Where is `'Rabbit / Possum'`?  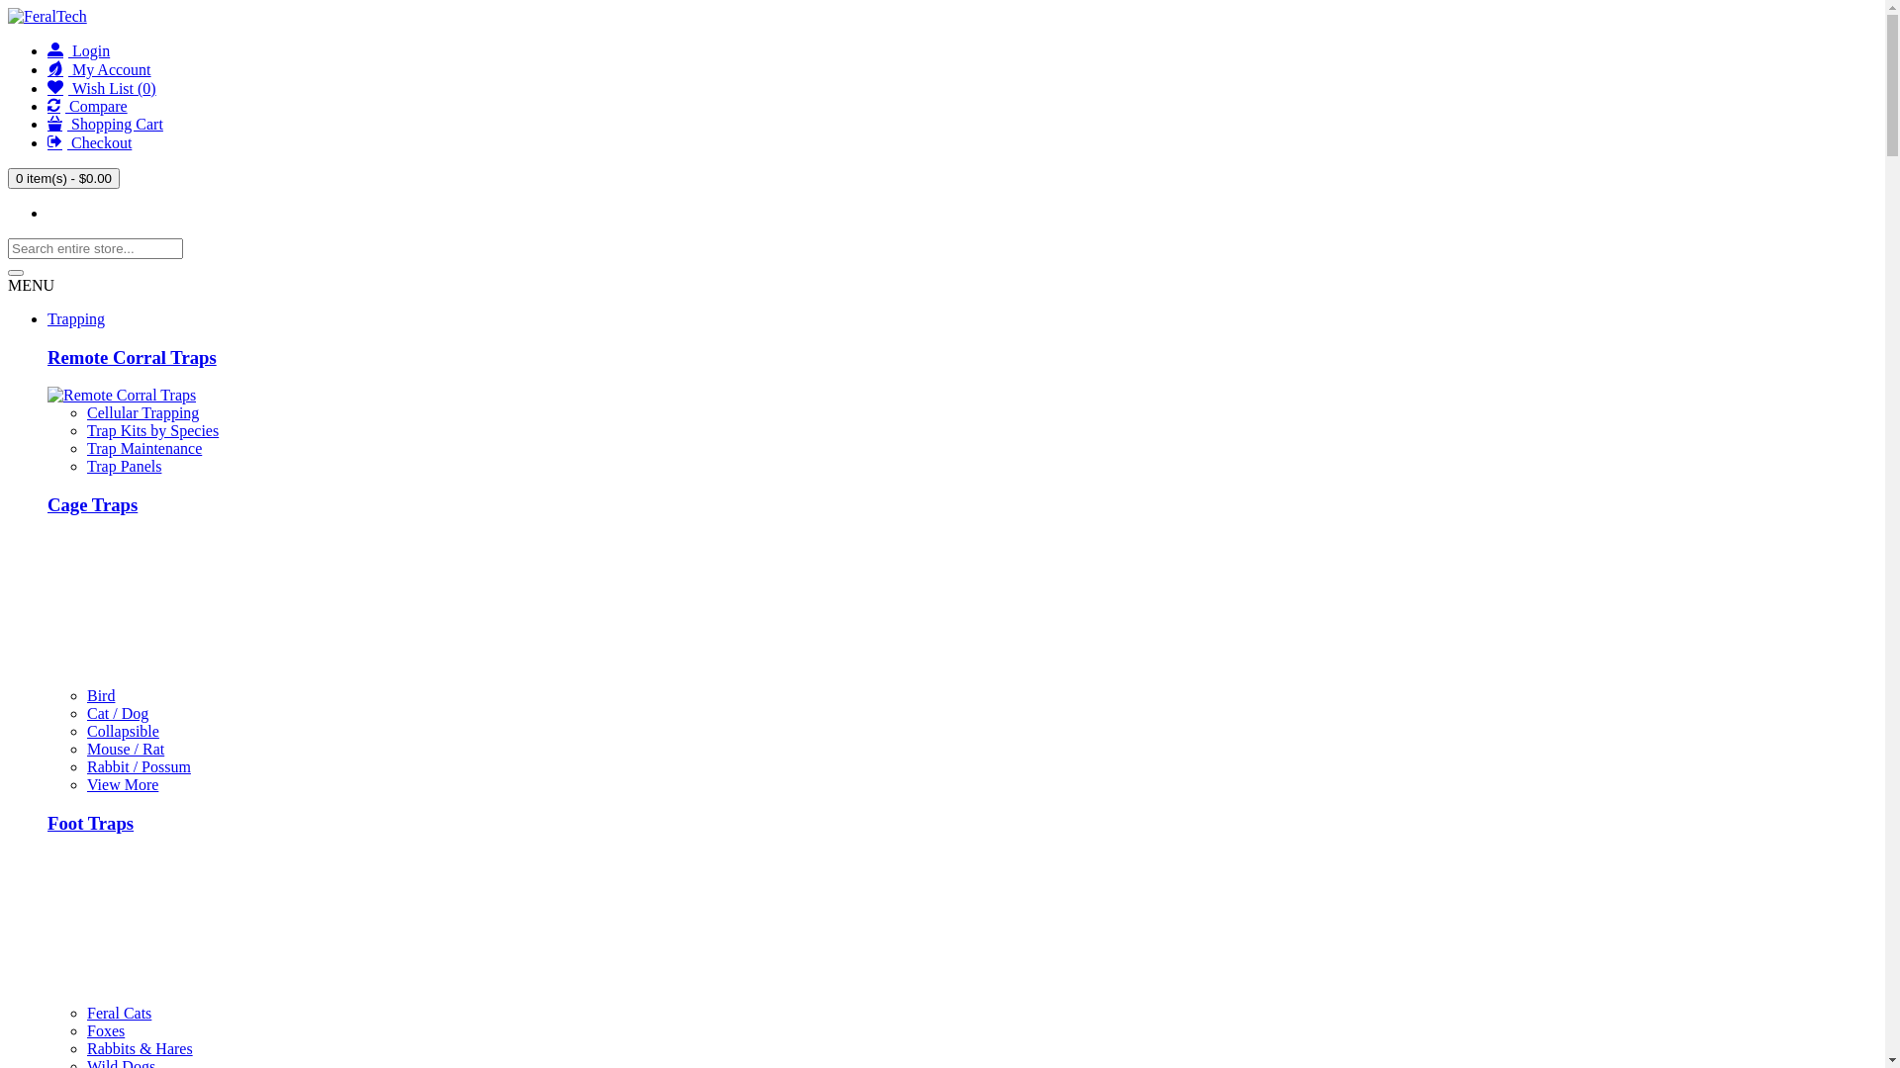 'Rabbit / Possum' is located at coordinates (138, 765).